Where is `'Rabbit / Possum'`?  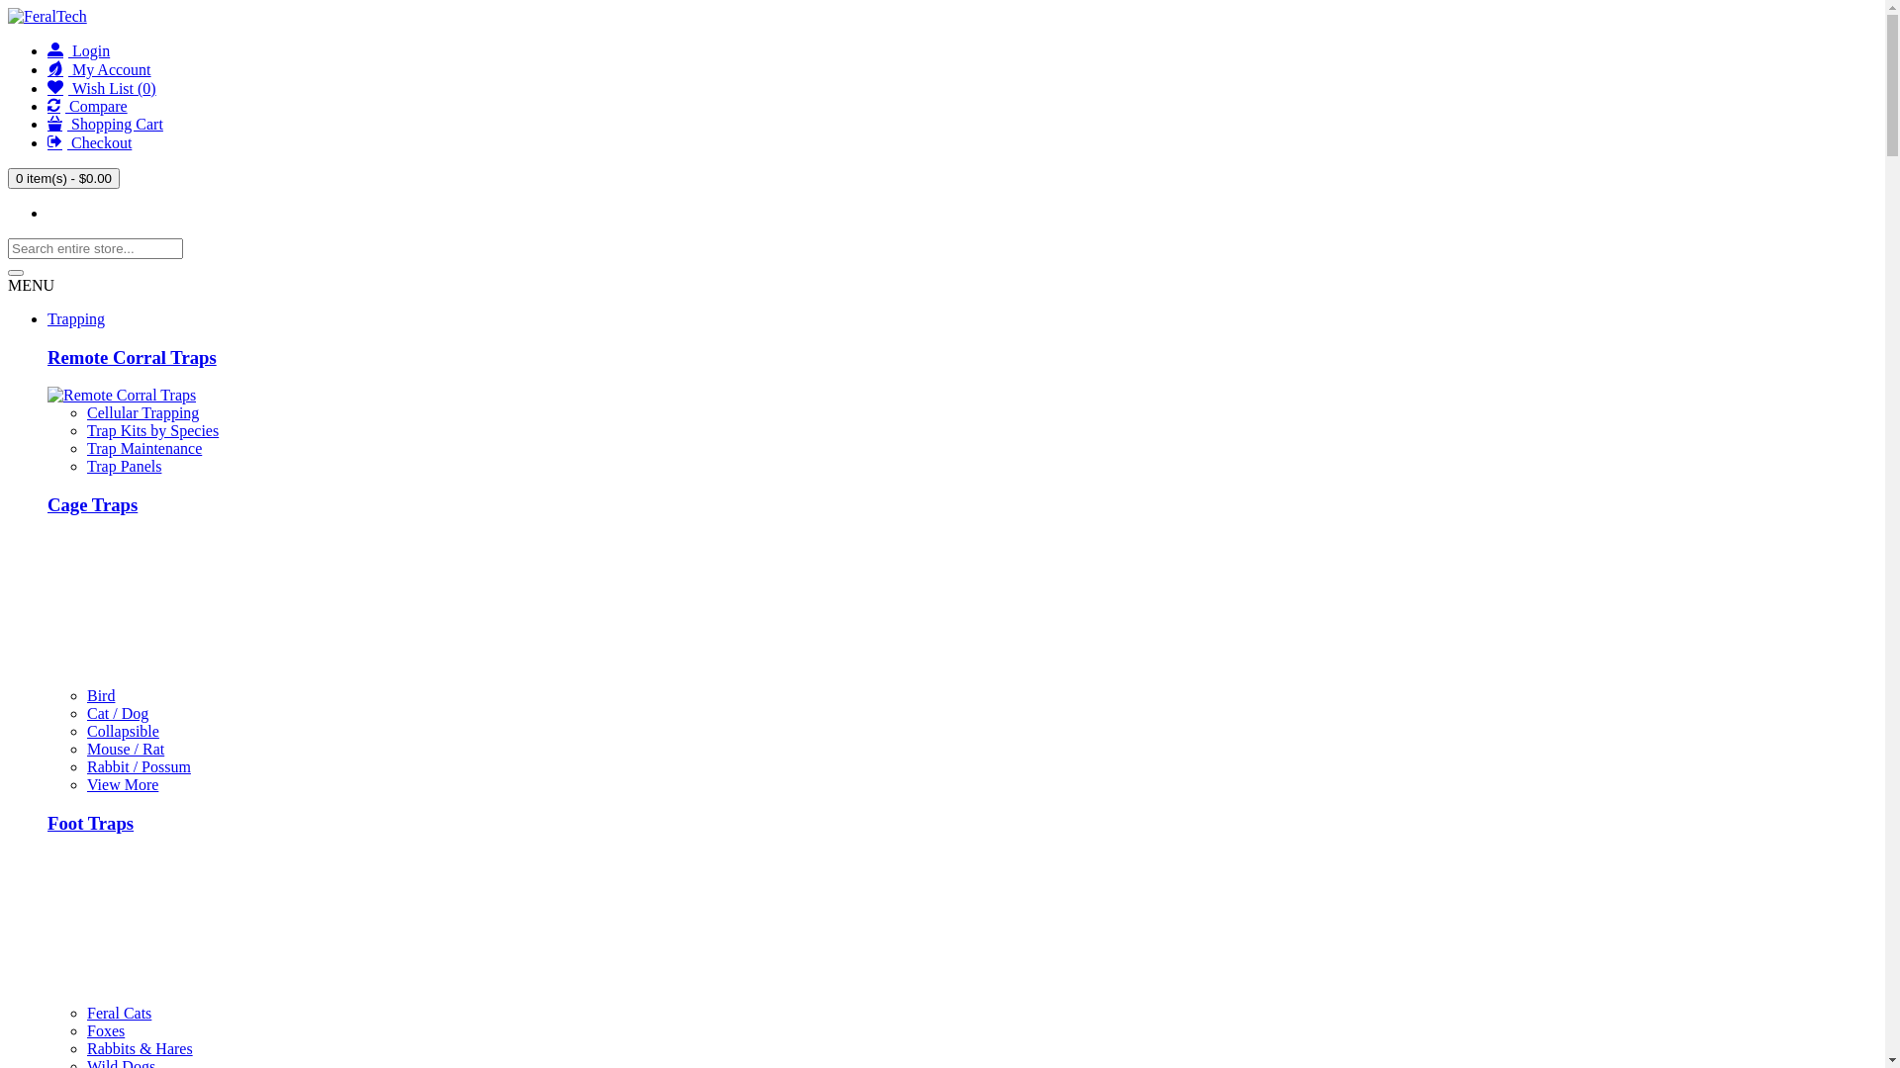 'Rabbit / Possum' is located at coordinates (138, 765).